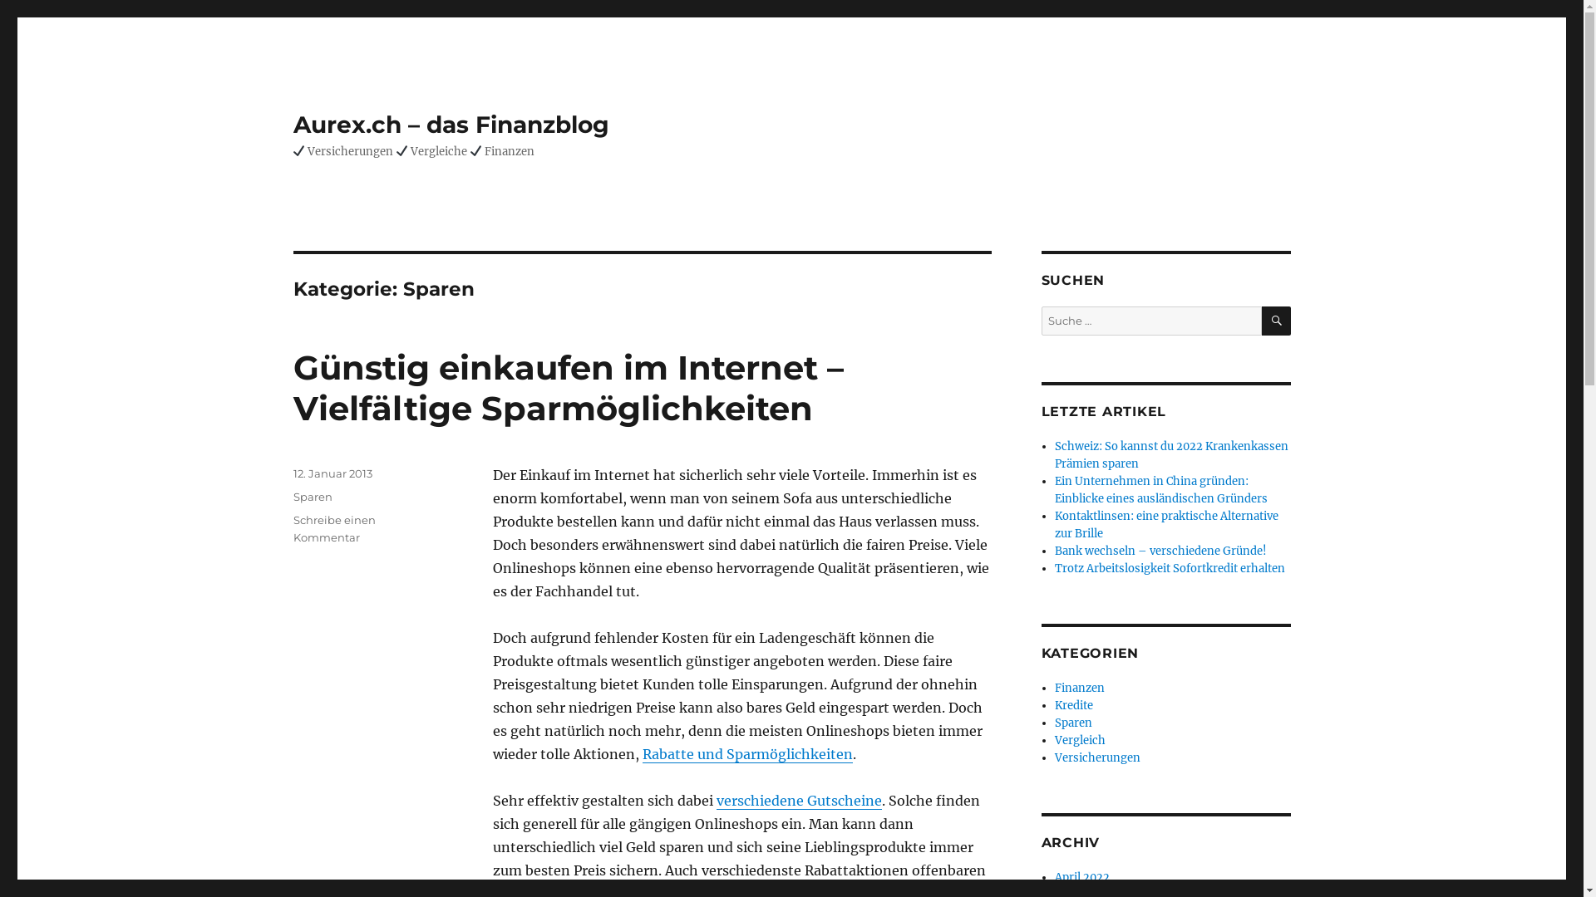 The height and width of the screenshot is (897, 1596). Describe the element at coordinates (1073, 722) in the screenshot. I see `'Sparen'` at that location.